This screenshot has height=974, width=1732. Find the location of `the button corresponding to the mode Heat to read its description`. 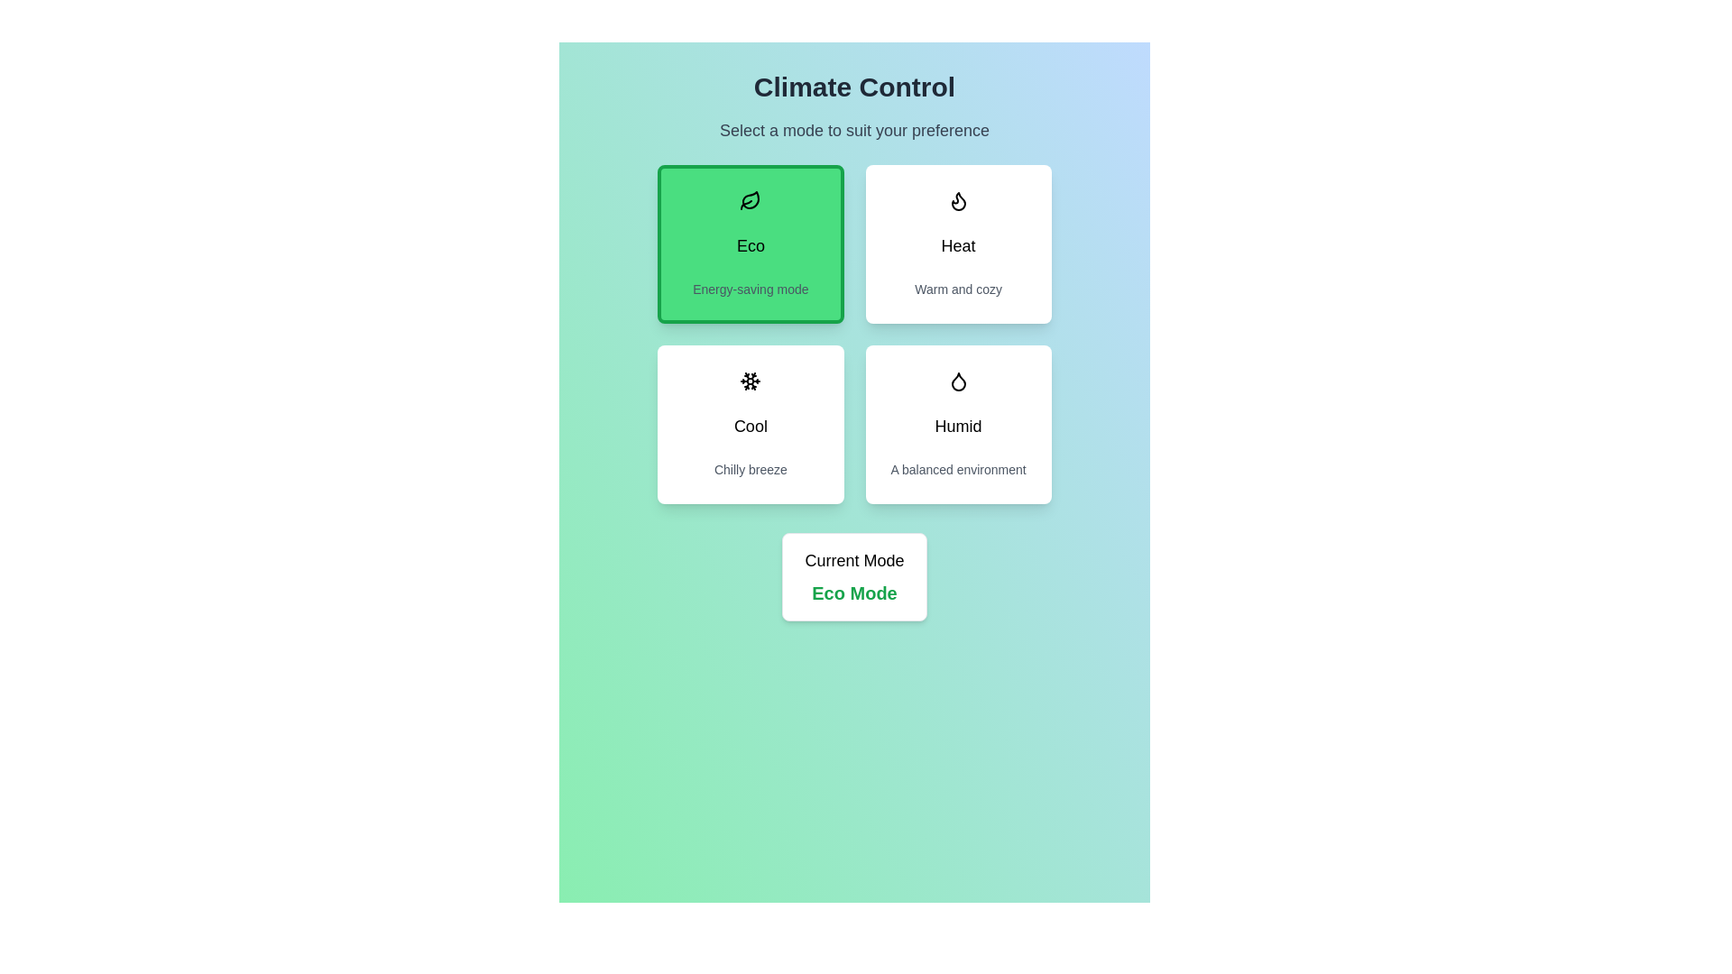

the button corresponding to the mode Heat to read its description is located at coordinates (957, 243).